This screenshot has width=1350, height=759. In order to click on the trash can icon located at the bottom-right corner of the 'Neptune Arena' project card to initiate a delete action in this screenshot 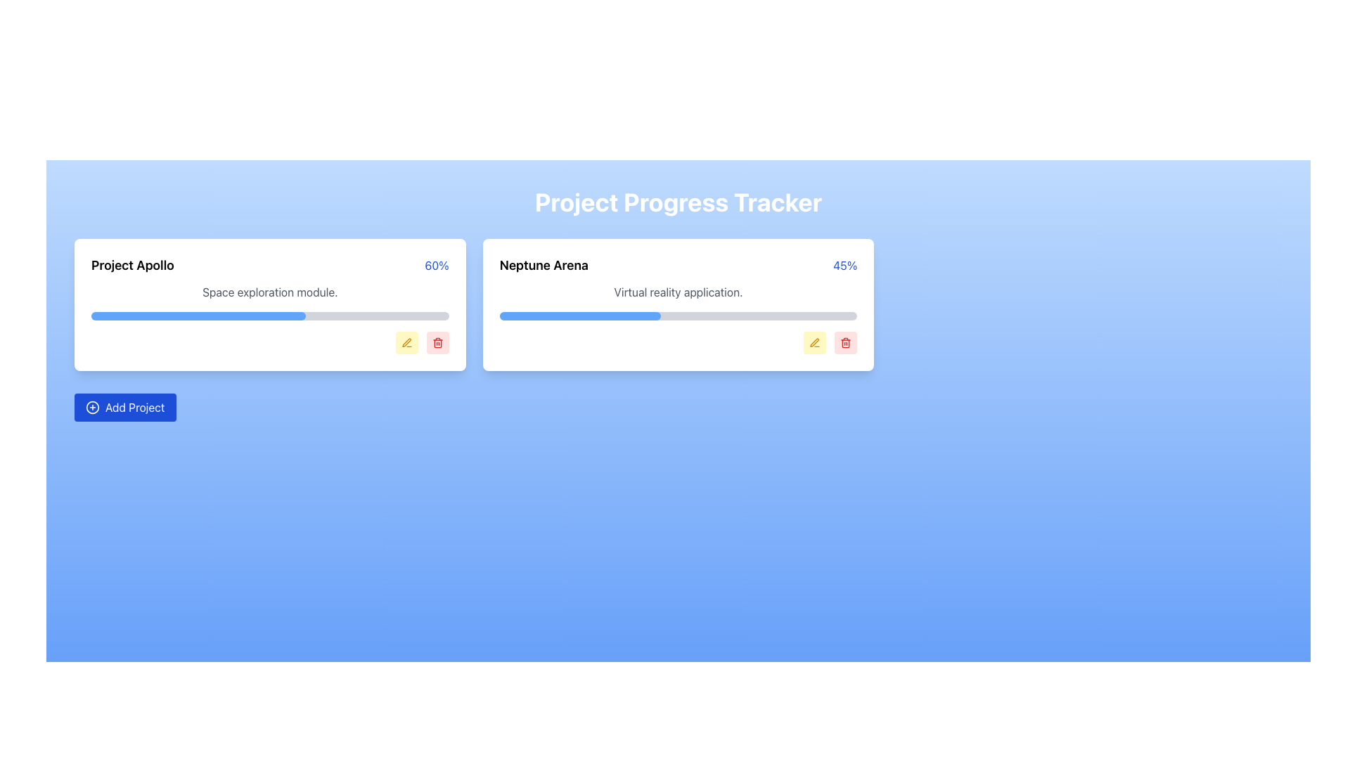, I will do `click(845, 343)`.